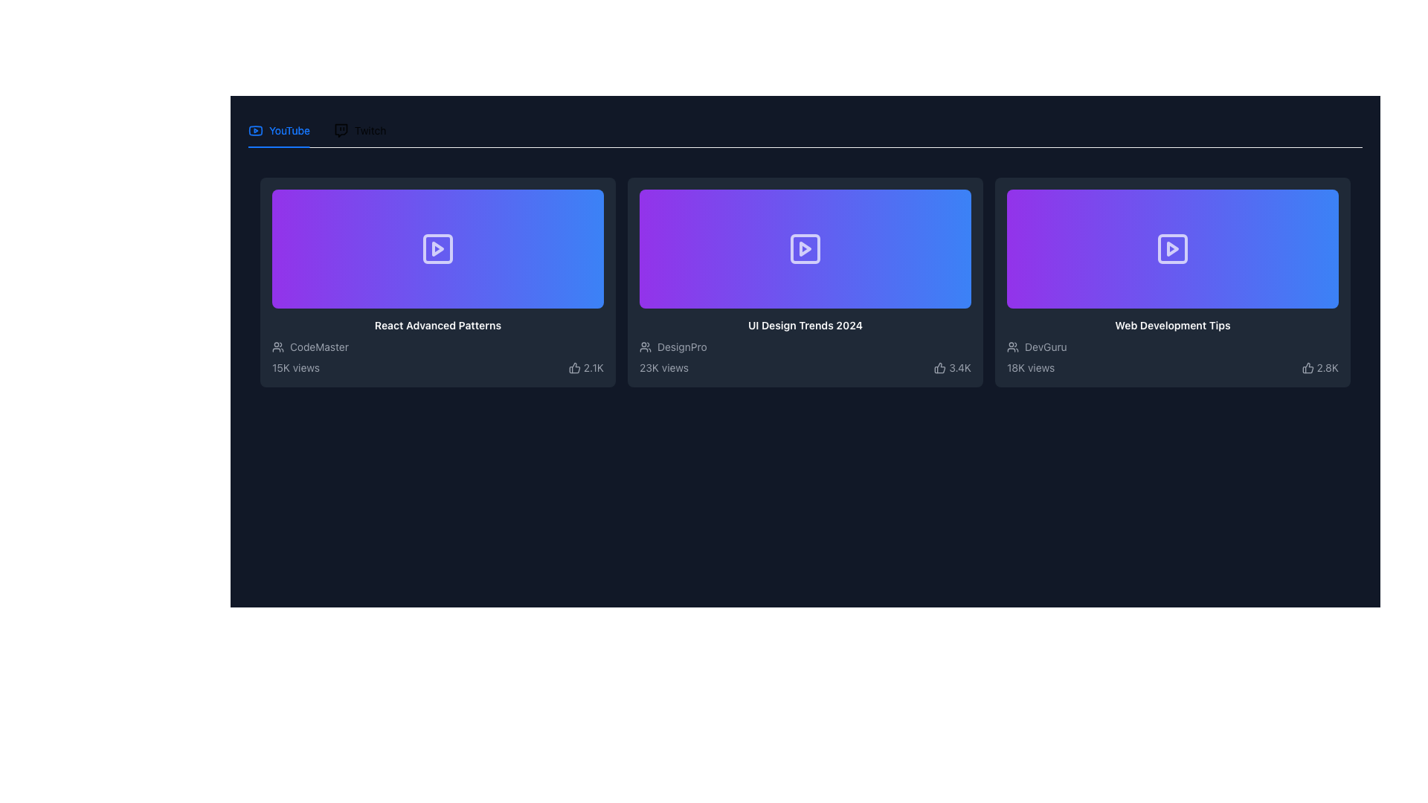 The width and height of the screenshot is (1428, 803). Describe the element at coordinates (360, 130) in the screenshot. I see `the second tab` at that location.